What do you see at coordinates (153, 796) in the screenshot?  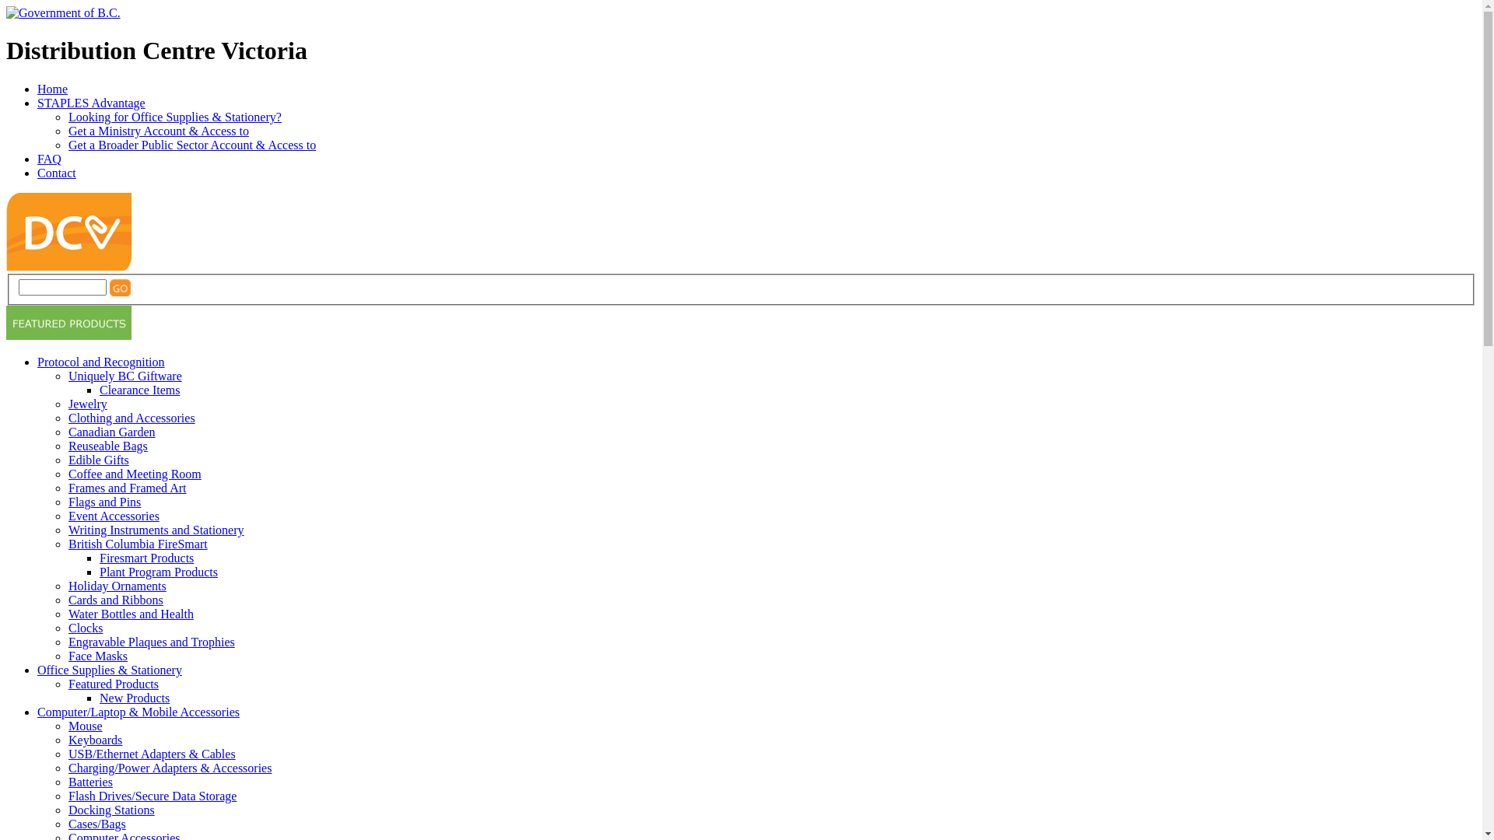 I see `'Flash Drives/Secure Data Storage'` at bounding box center [153, 796].